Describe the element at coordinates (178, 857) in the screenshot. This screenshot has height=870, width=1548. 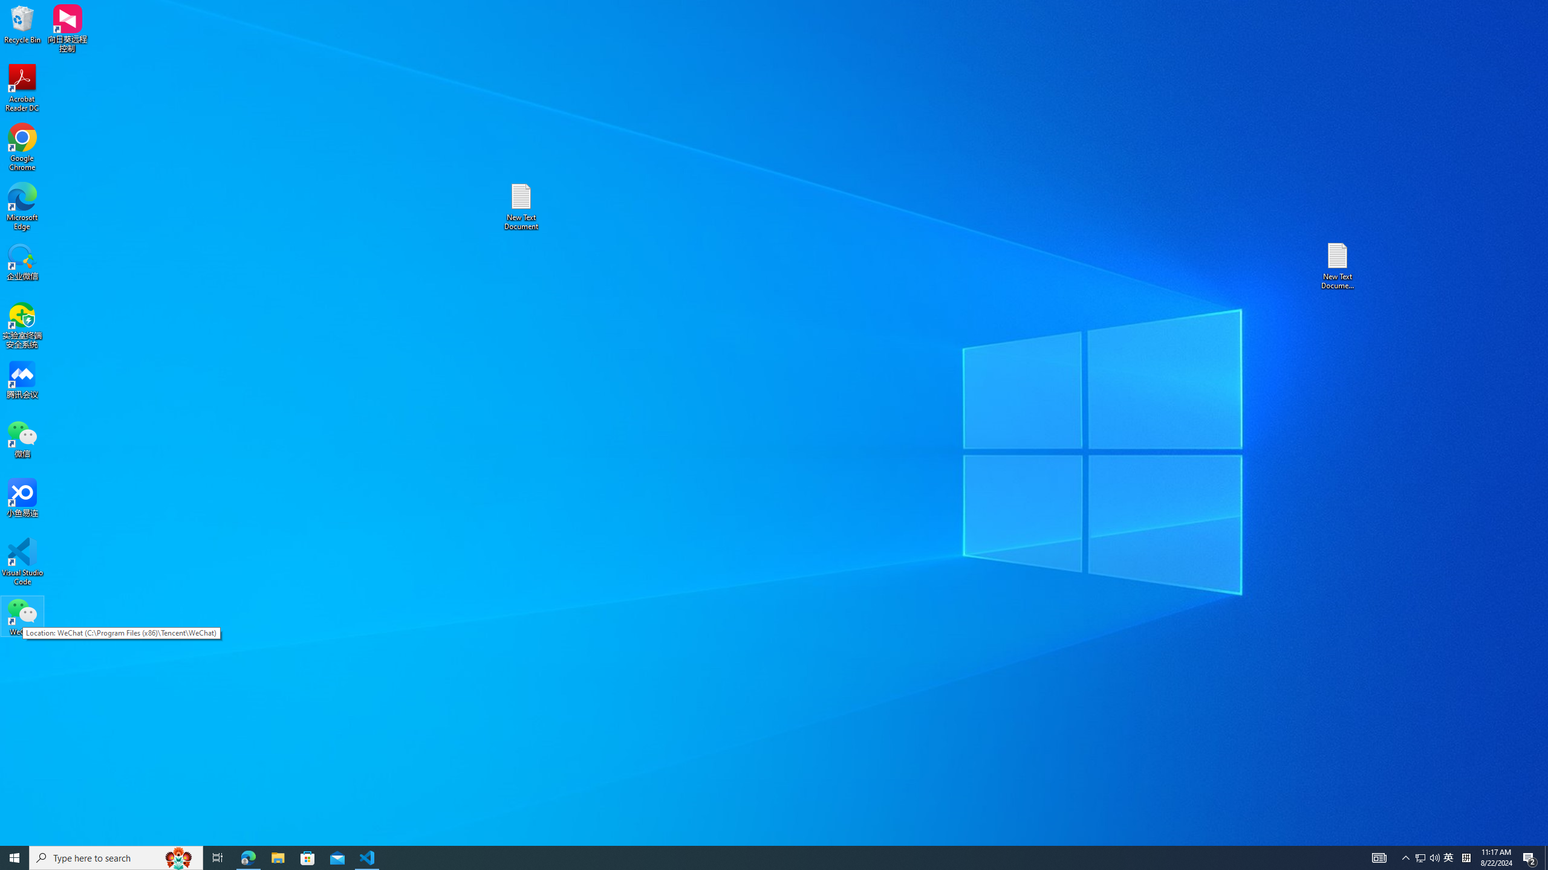
I see `'Search highlights icon opens search home window'` at that location.